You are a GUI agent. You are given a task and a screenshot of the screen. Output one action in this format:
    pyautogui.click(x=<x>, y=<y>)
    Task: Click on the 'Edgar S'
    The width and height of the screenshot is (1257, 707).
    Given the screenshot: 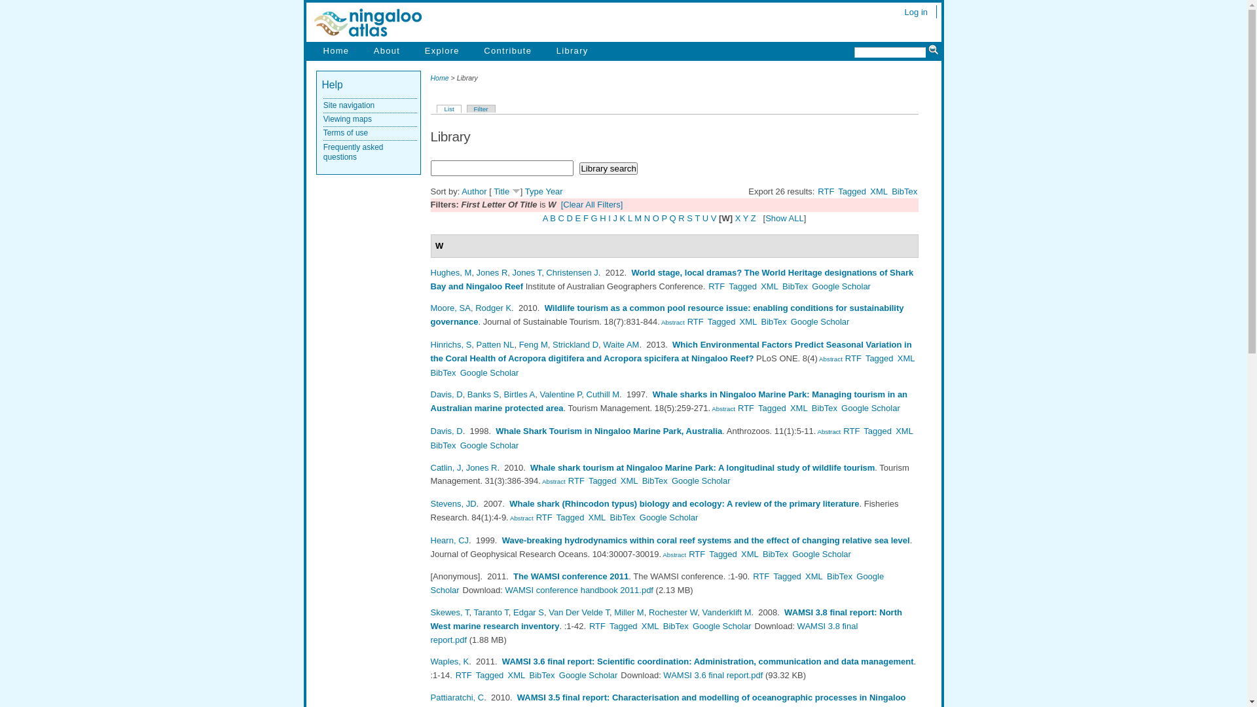 What is the action you would take?
    pyautogui.click(x=528, y=612)
    